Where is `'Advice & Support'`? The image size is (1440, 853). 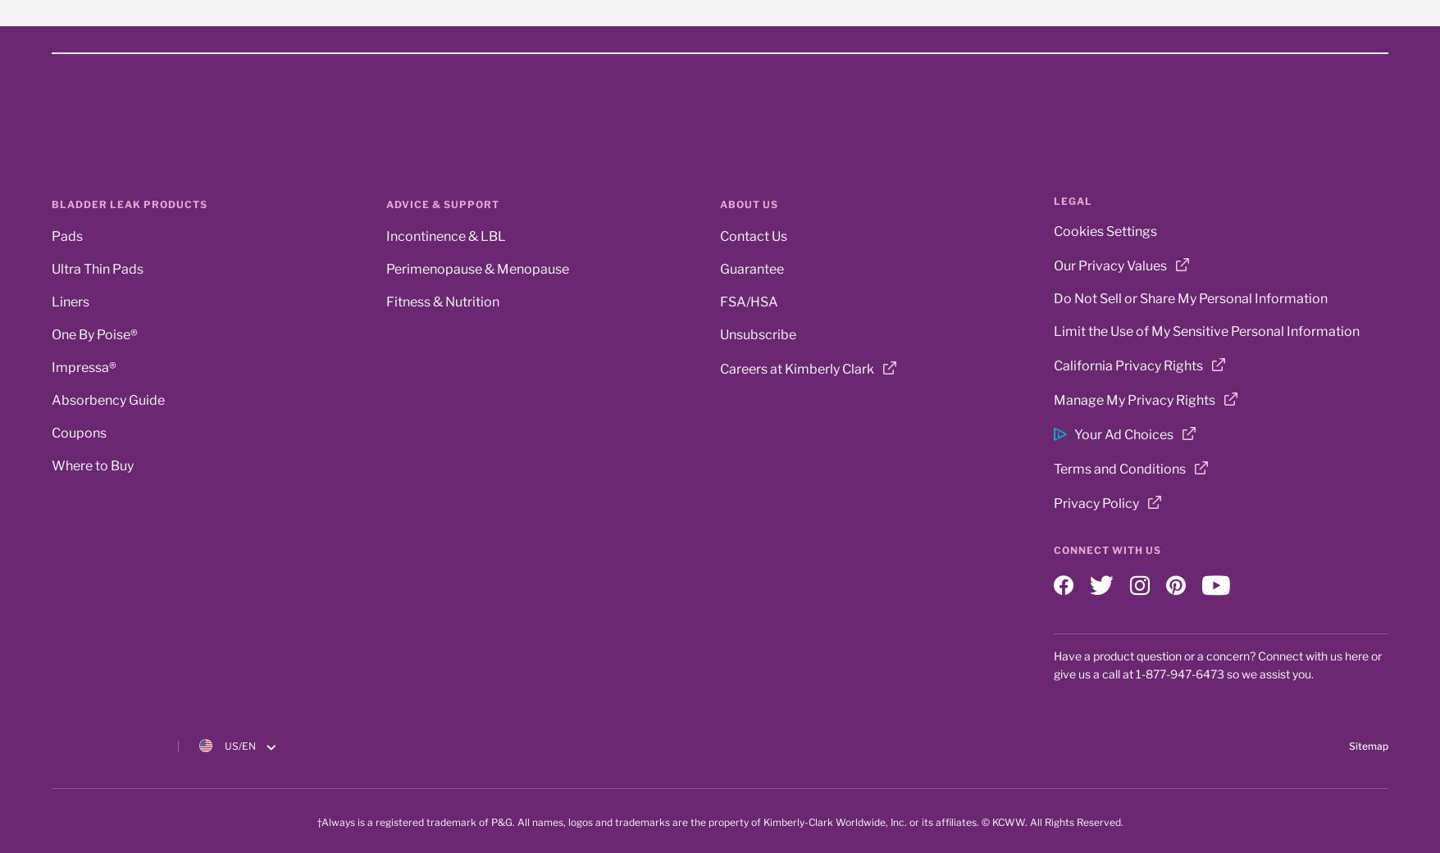
'Advice & Support' is located at coordinates (385, 203).